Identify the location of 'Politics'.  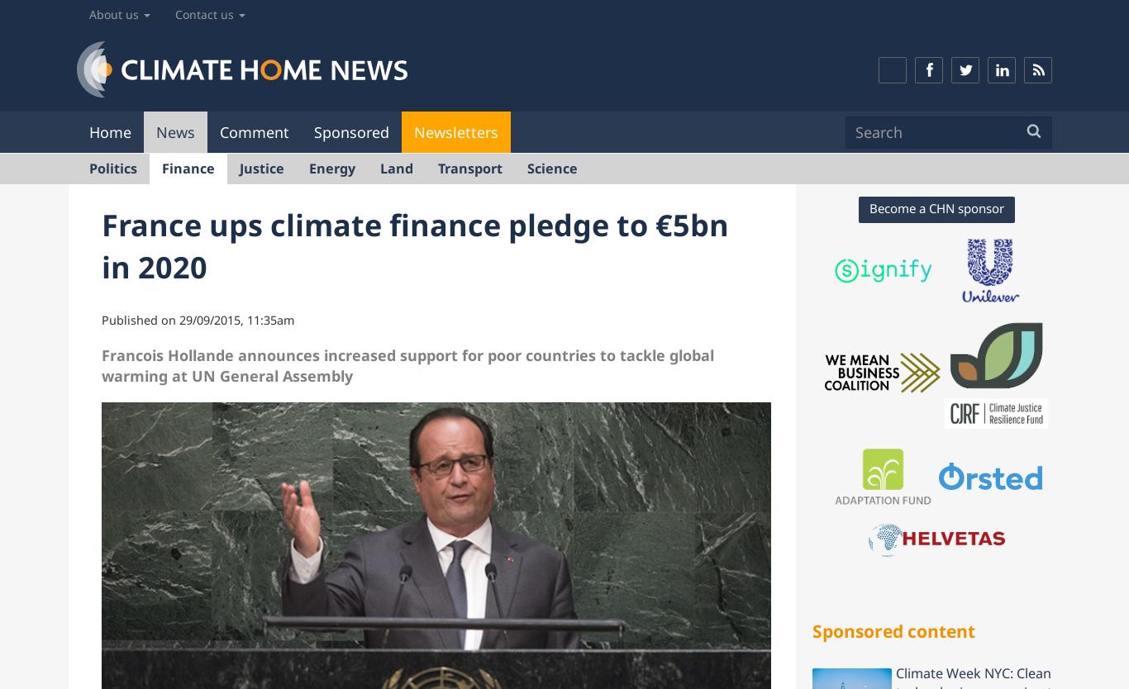
(112, 167).